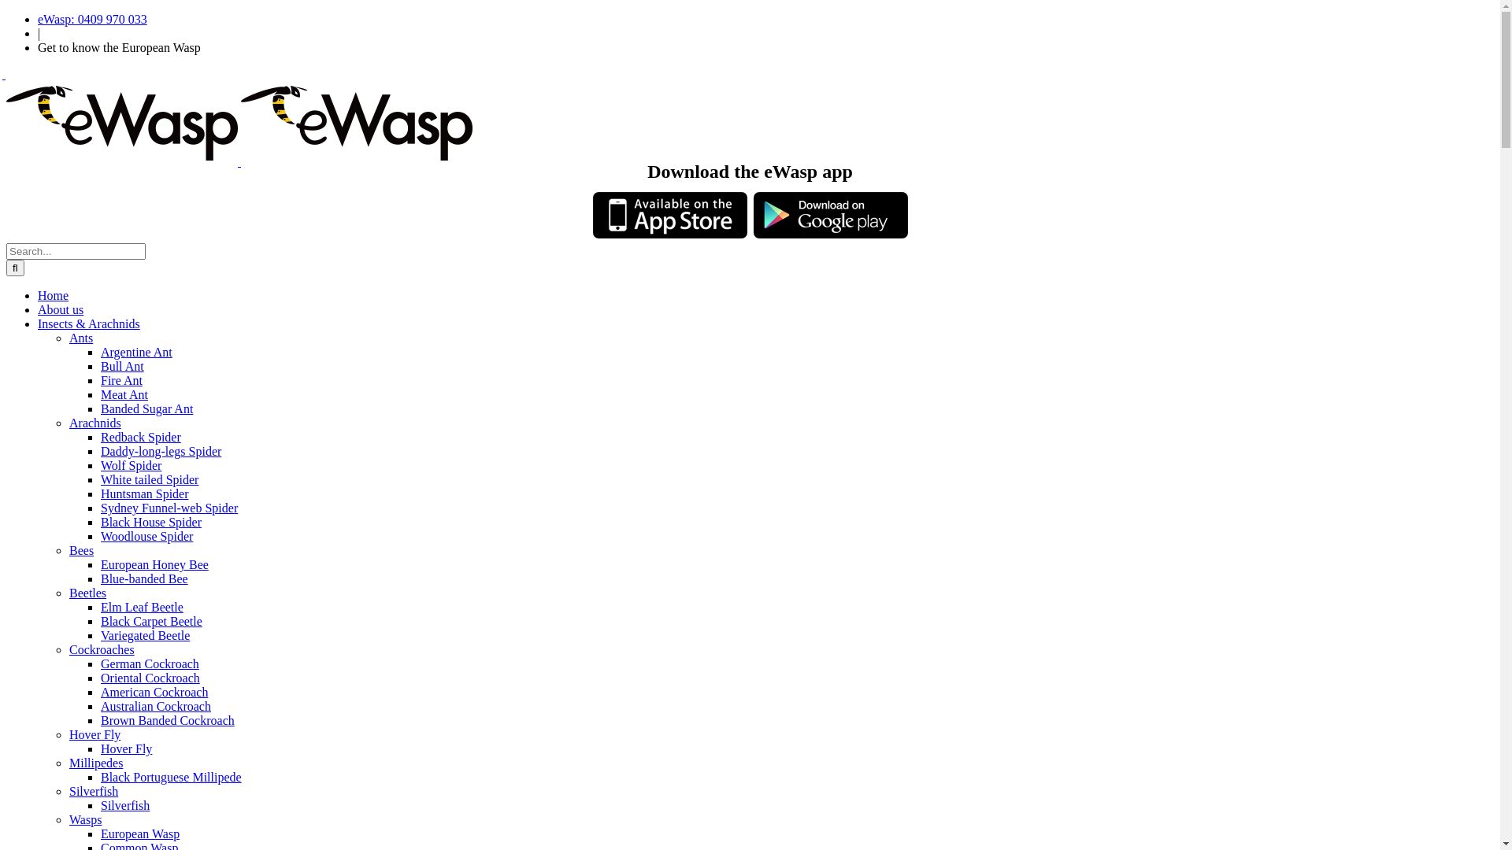 The height and width of the screenshot is (850, 1512). What do you see at coordinates (94, 422) in the screenshot?
I see `'Arachnids'` at bounding box center [94, 422].